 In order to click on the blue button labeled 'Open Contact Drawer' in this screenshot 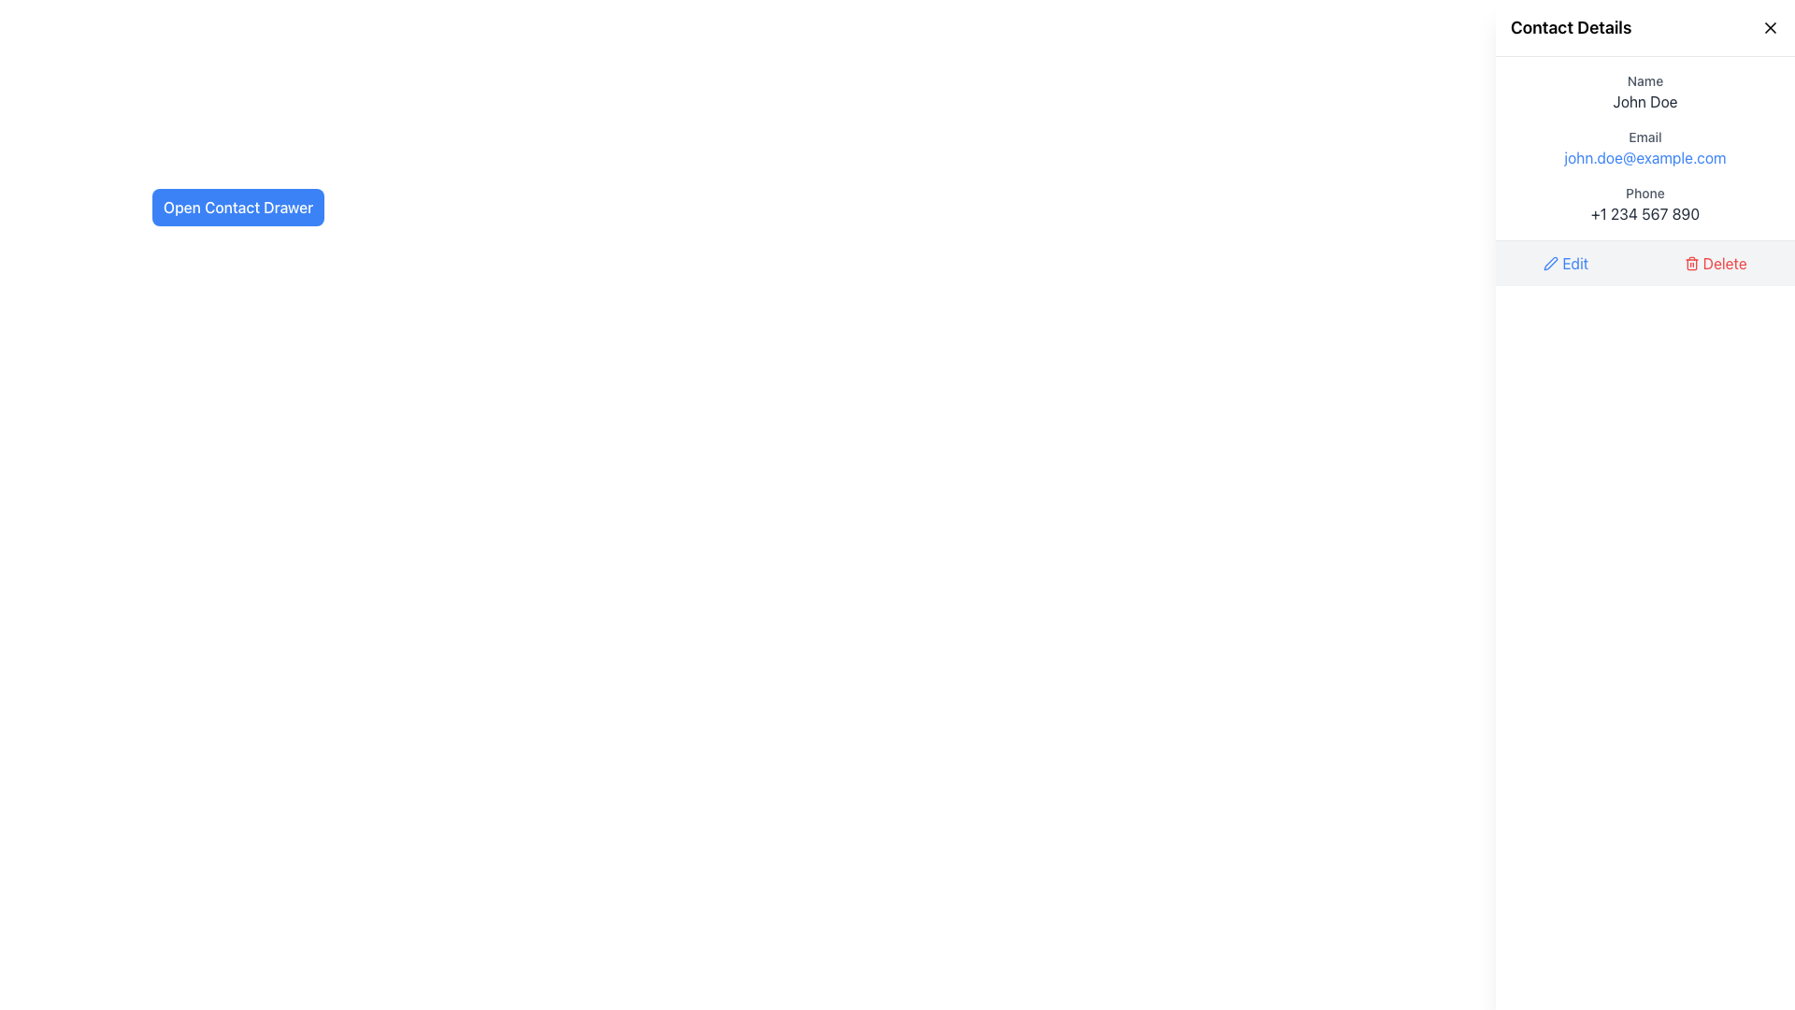, I will do `click(237, 208)`.